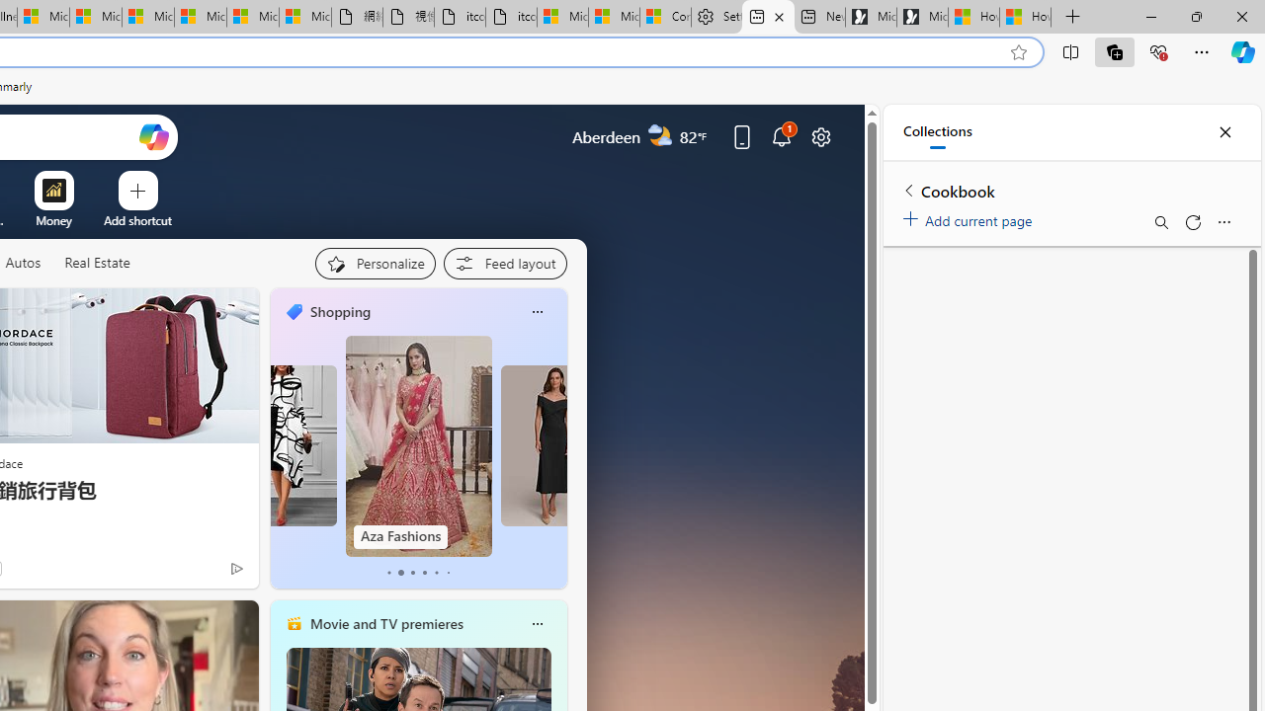  What do you see at coordinates (387, 572) in the screenshot?
I see `'tab-0'` at bounding box center [387, 572].